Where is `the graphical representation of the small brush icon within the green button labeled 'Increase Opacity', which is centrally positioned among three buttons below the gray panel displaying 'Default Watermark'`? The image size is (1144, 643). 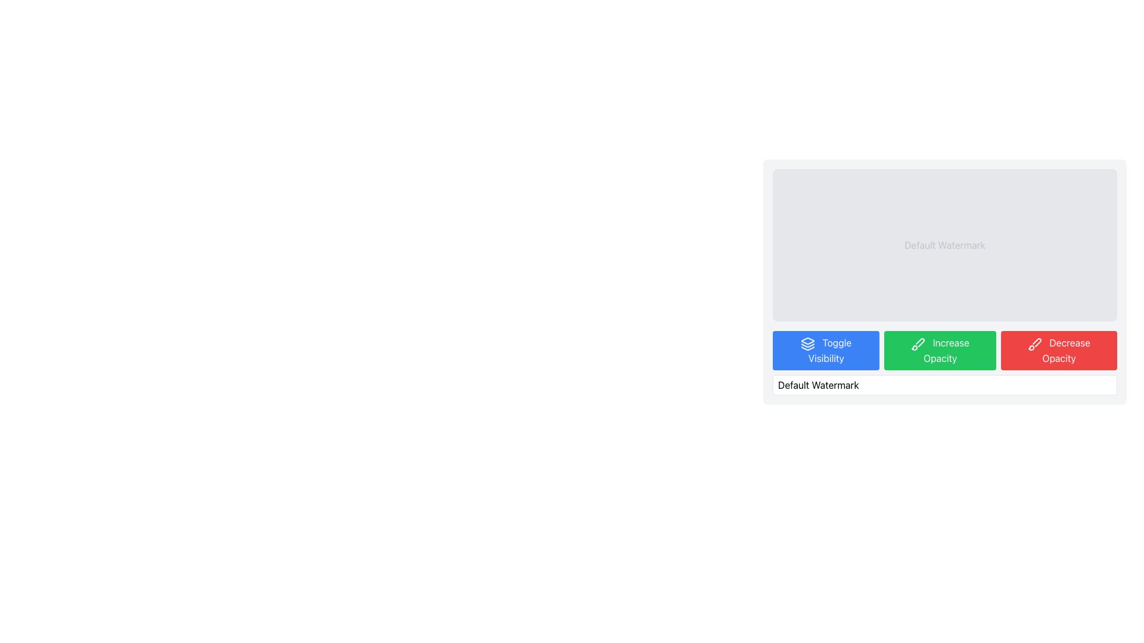
the graphical representation of the small brush icon within the green button labeled 'Increase Opacity', which is centrally positioned among three buttons below the gray panel displaying 'Default Watermark' is located at coordinates (918, 344).